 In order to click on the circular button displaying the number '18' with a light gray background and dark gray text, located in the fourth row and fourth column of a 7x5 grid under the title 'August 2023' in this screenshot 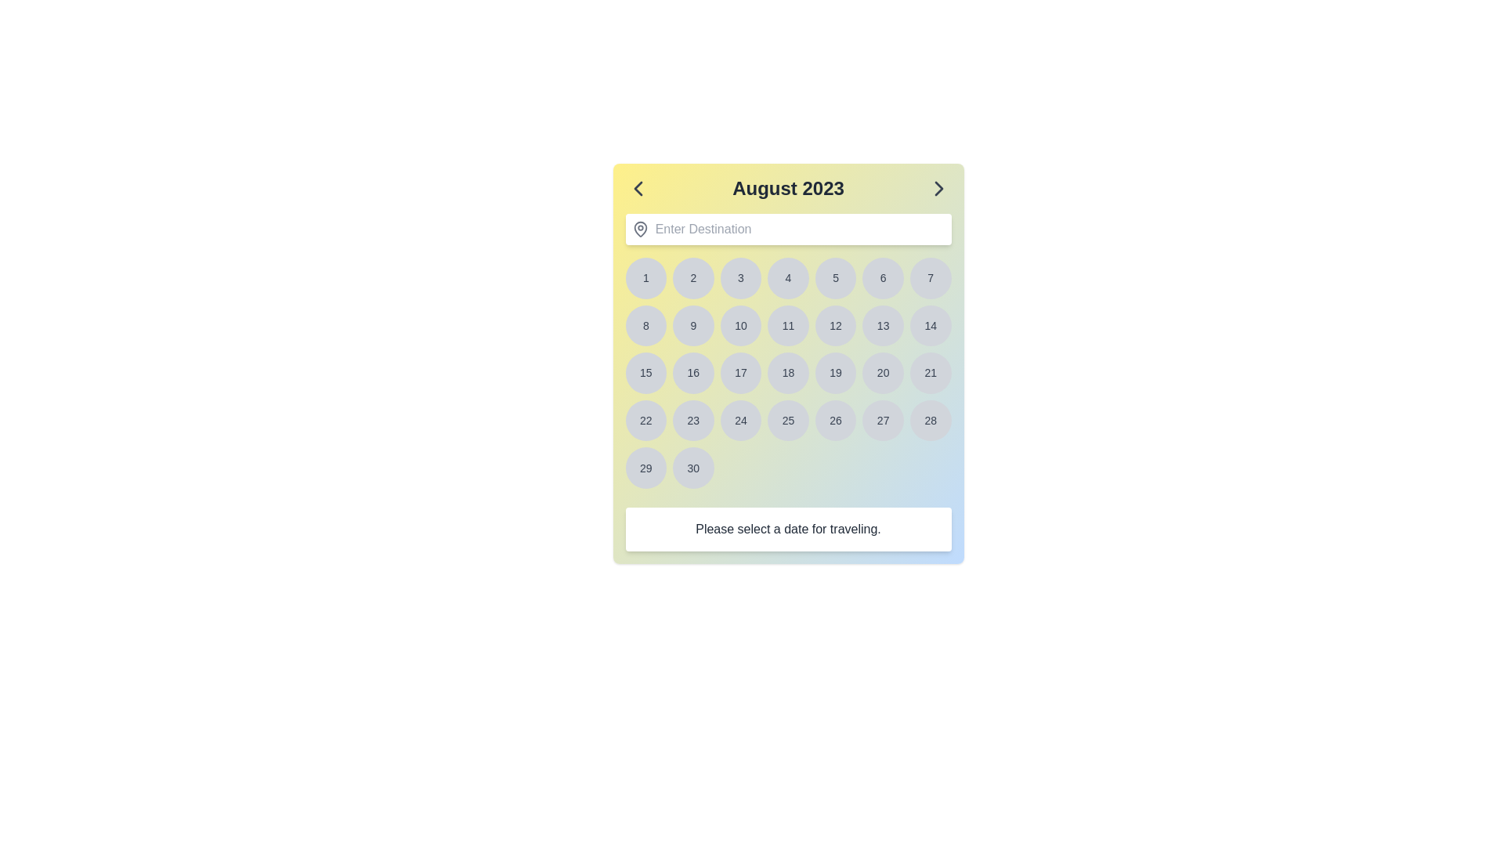, I will do `click(788, 373)`.